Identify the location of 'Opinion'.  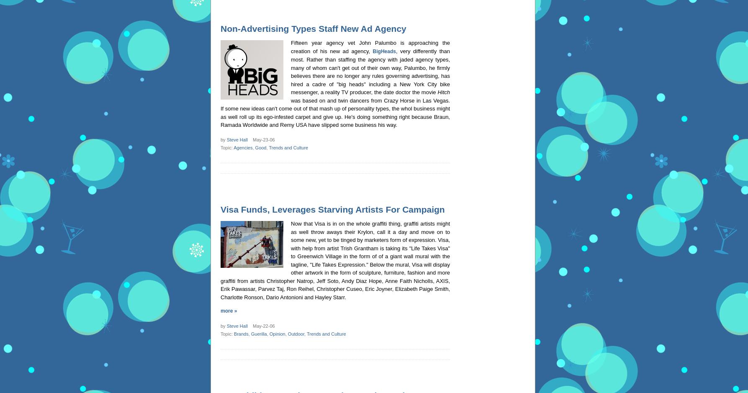
(277, 334).